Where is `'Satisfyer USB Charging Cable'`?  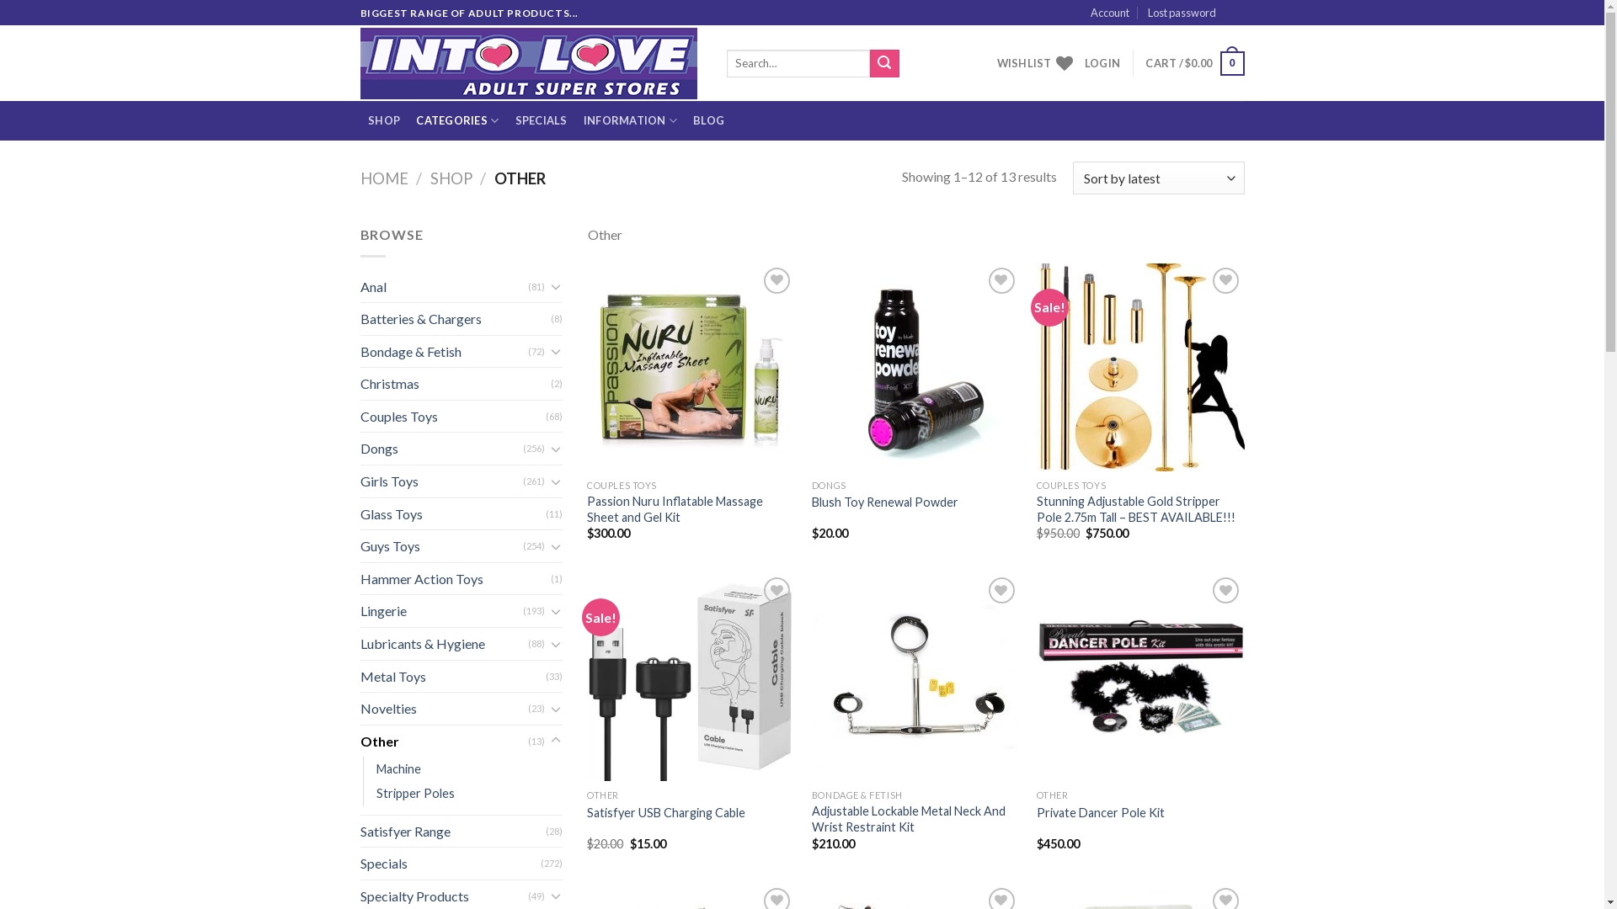 'Satisfyer USB Charging Cable' is located at coordinates (665, 812).